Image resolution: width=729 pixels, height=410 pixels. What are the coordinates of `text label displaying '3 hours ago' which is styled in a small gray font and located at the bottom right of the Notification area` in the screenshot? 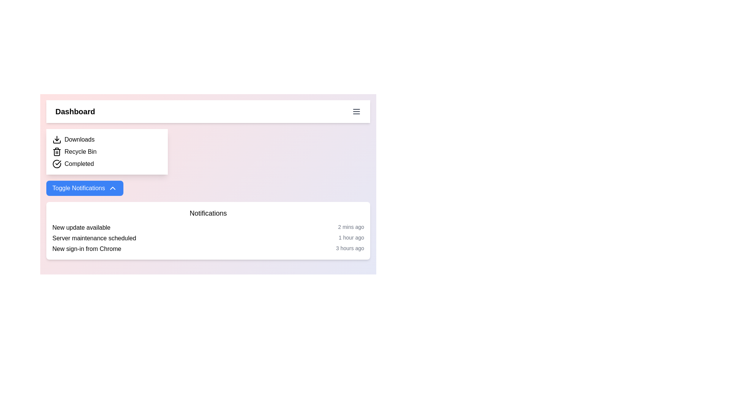 It's located at (349, 249).